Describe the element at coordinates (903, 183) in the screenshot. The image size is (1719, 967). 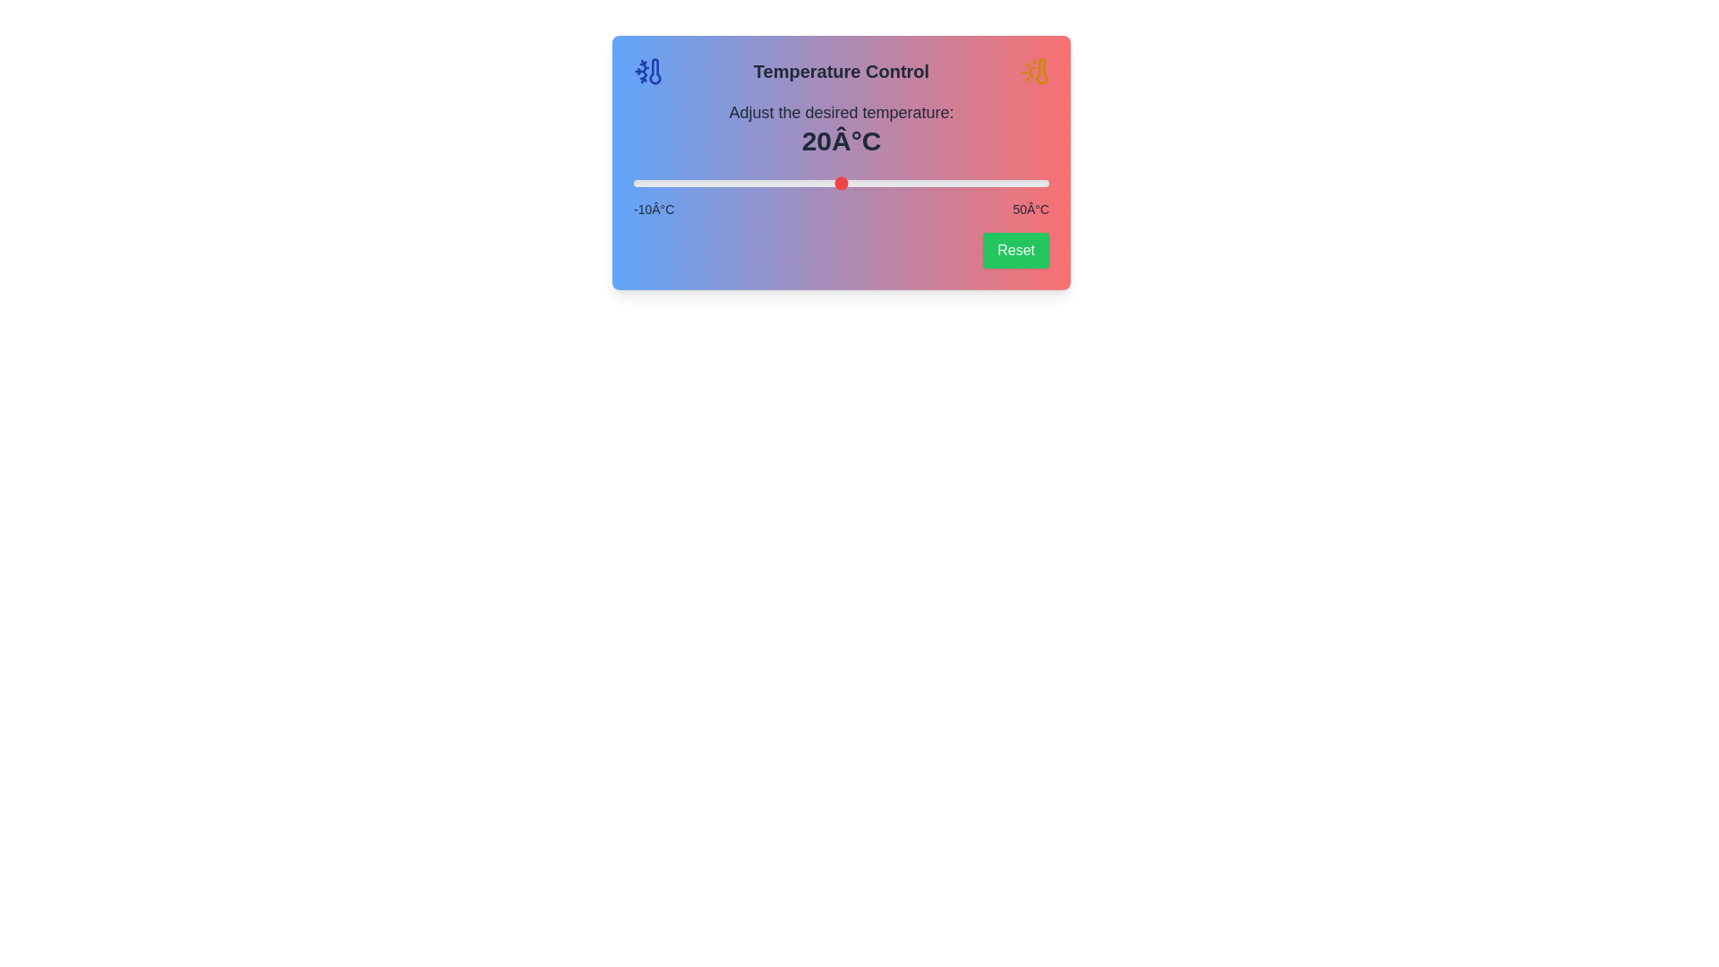
I see `the slider to set the temperature to 29°C` at that location.